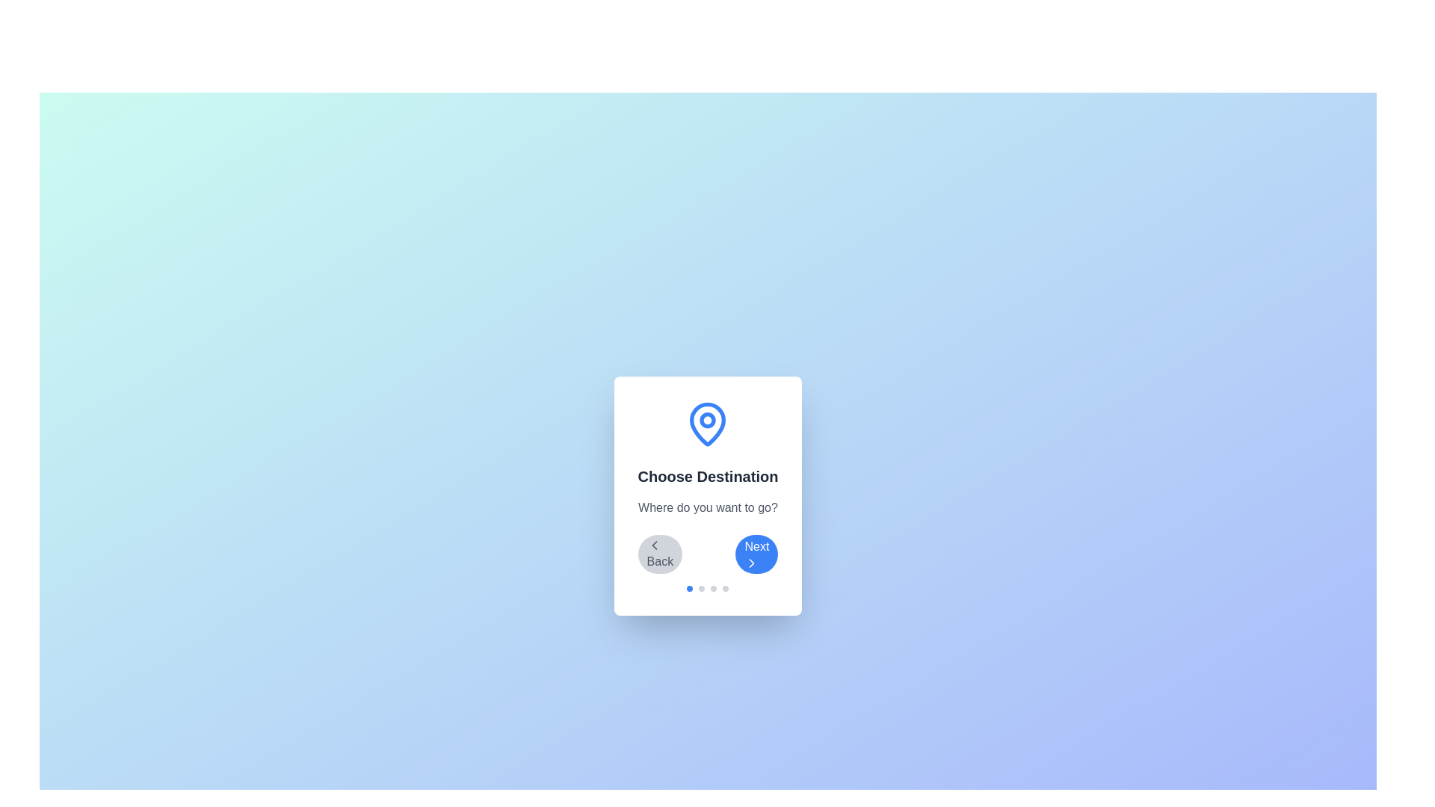 This screenshot has width=1435, height=807. What do you see at coordinates (707, 424) in the screenshot?
I see `the displayed icon` at bounding box center [707, 424].